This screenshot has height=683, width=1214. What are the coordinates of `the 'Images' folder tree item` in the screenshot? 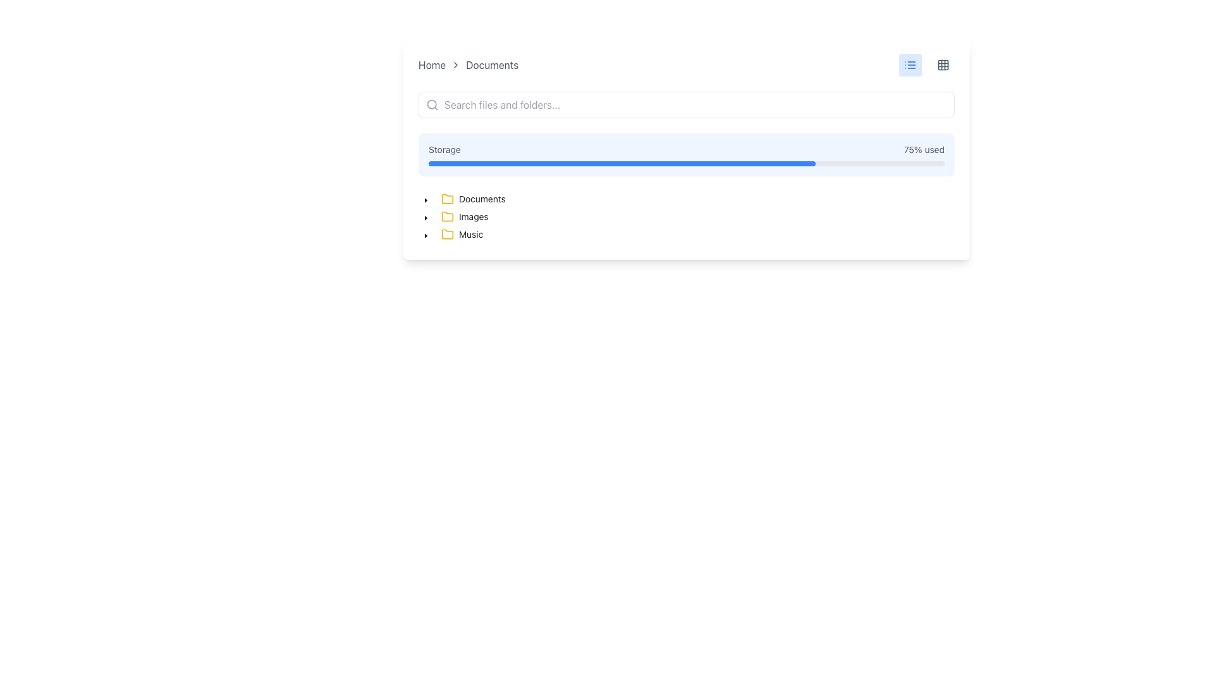 It's located at (455, 216).